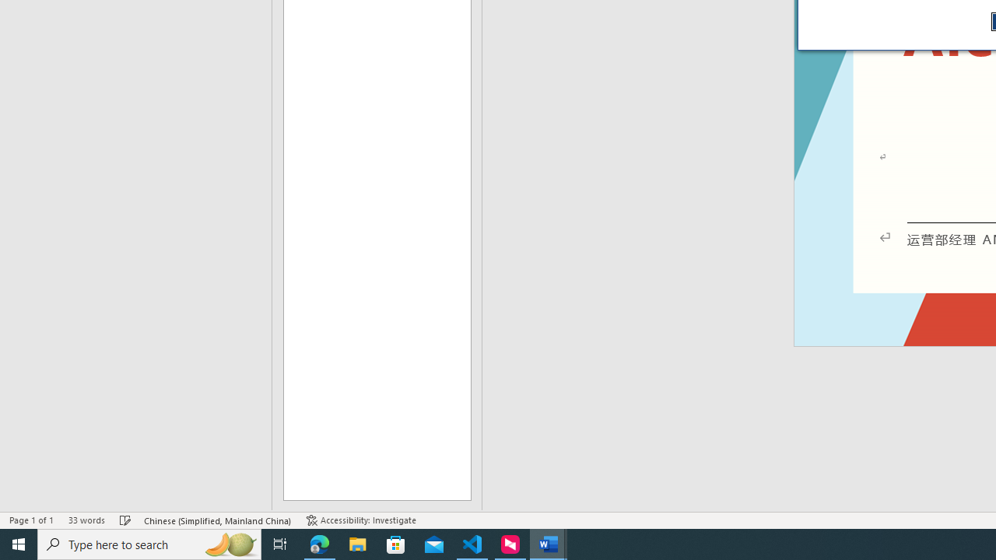  I want to click on 'Task View', so click(279, 543).